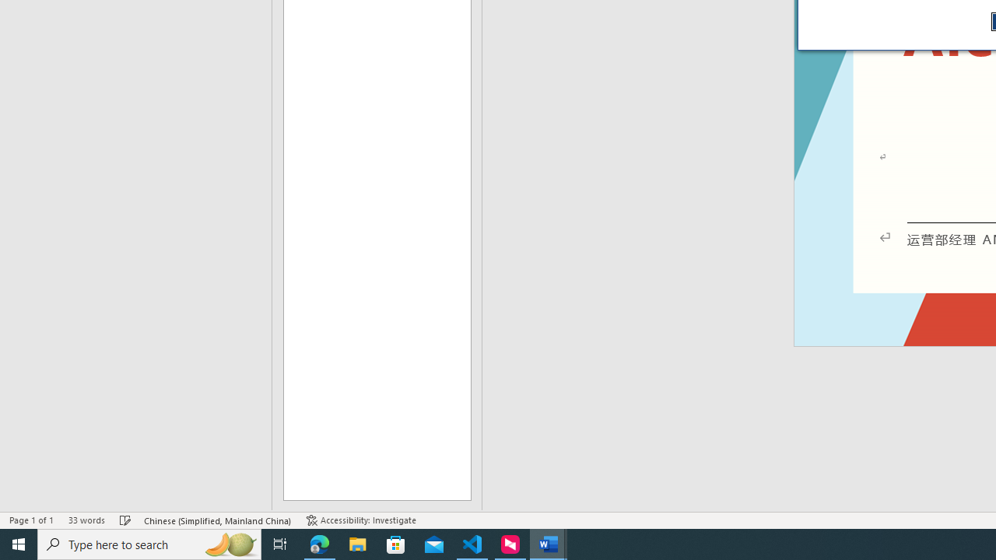  I want to click on 'Task View', so click(279, 543).